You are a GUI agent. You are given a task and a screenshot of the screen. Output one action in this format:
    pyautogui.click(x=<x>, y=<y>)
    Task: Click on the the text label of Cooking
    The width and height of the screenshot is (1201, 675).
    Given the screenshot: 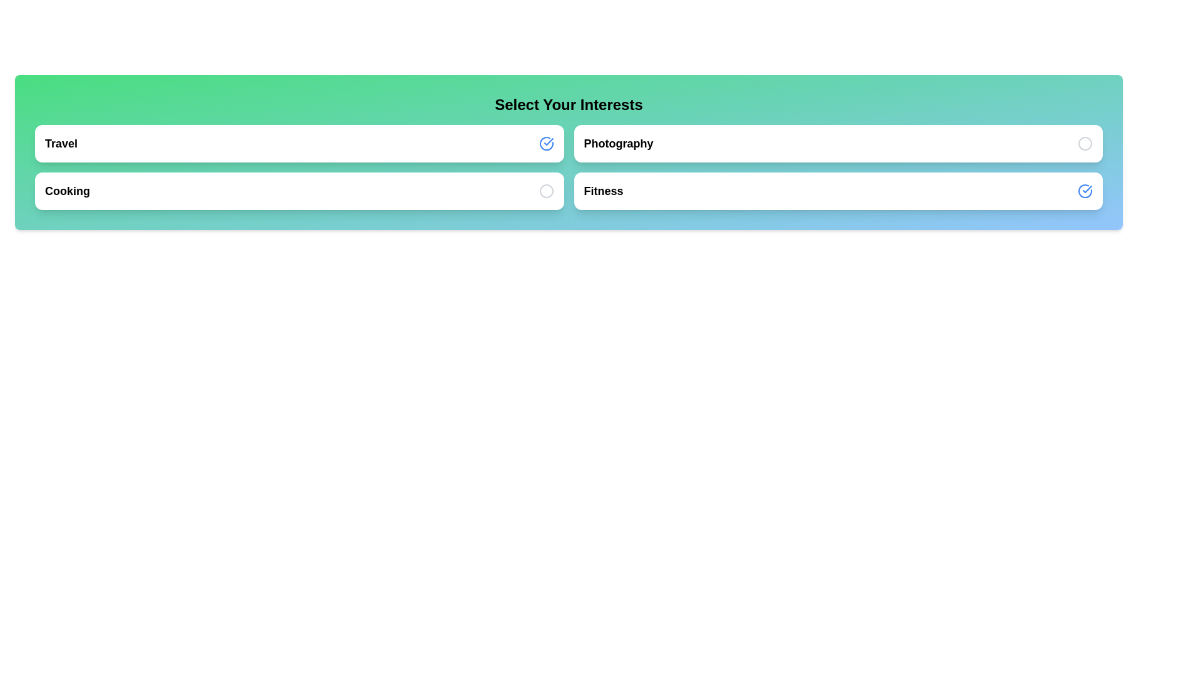 What is the action you would take?
    pyautogui.click(x=67, y=191)
    